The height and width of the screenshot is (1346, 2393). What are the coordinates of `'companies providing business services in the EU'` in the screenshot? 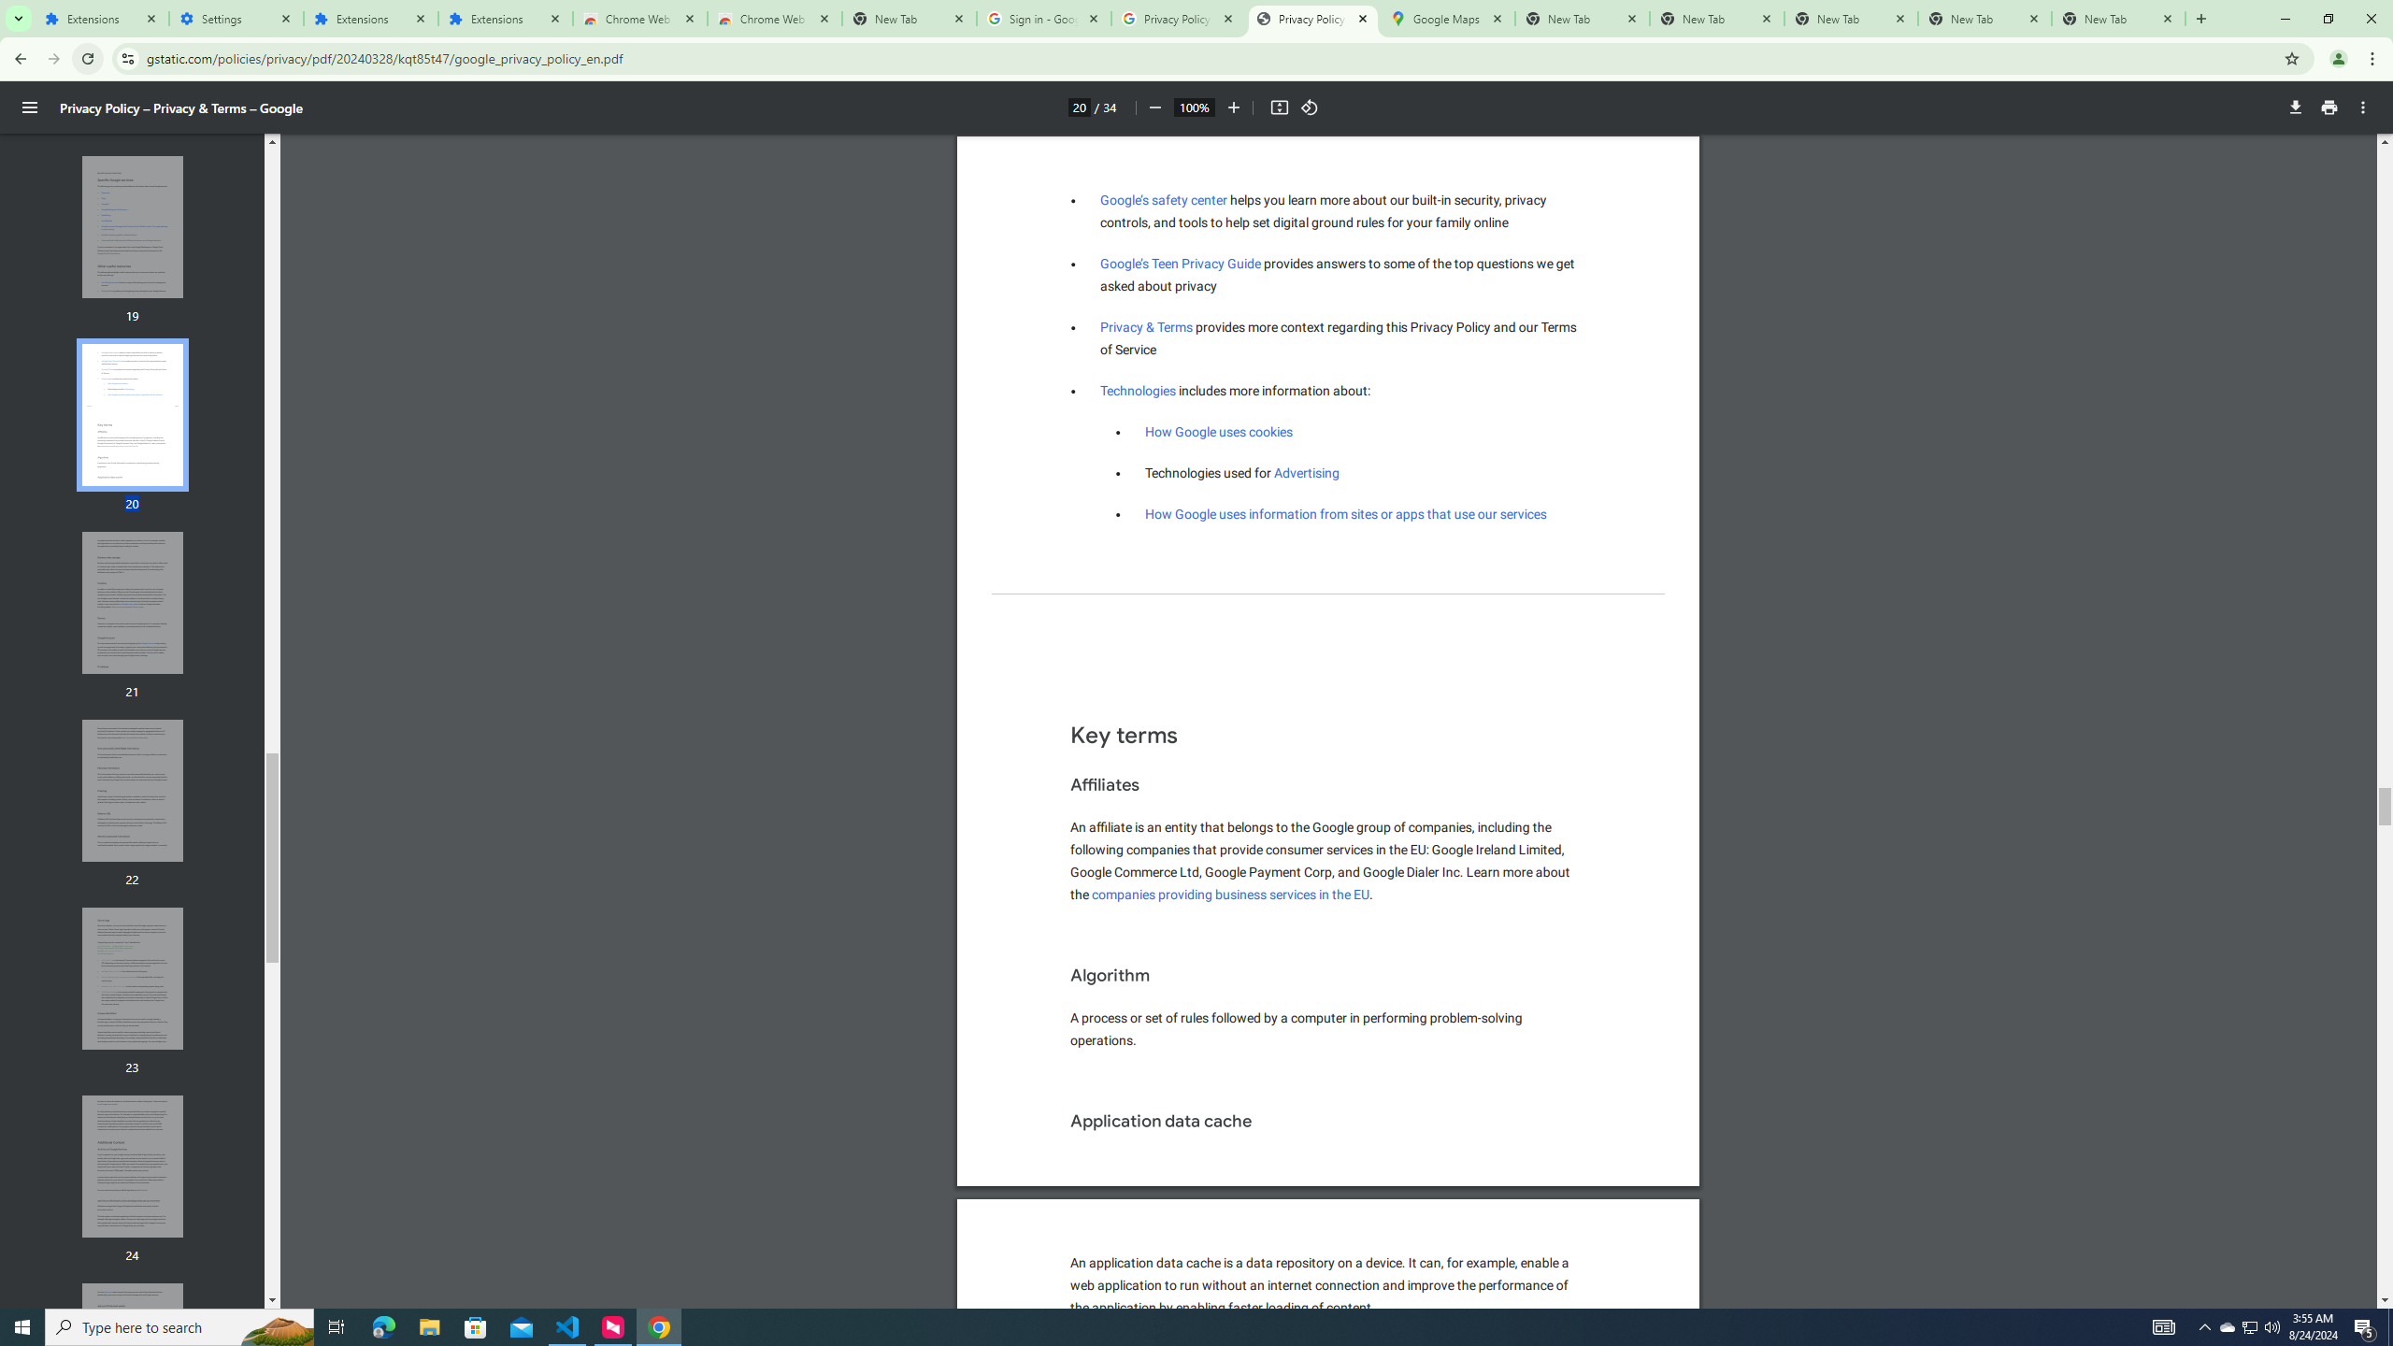 It's located at (1230, 895).